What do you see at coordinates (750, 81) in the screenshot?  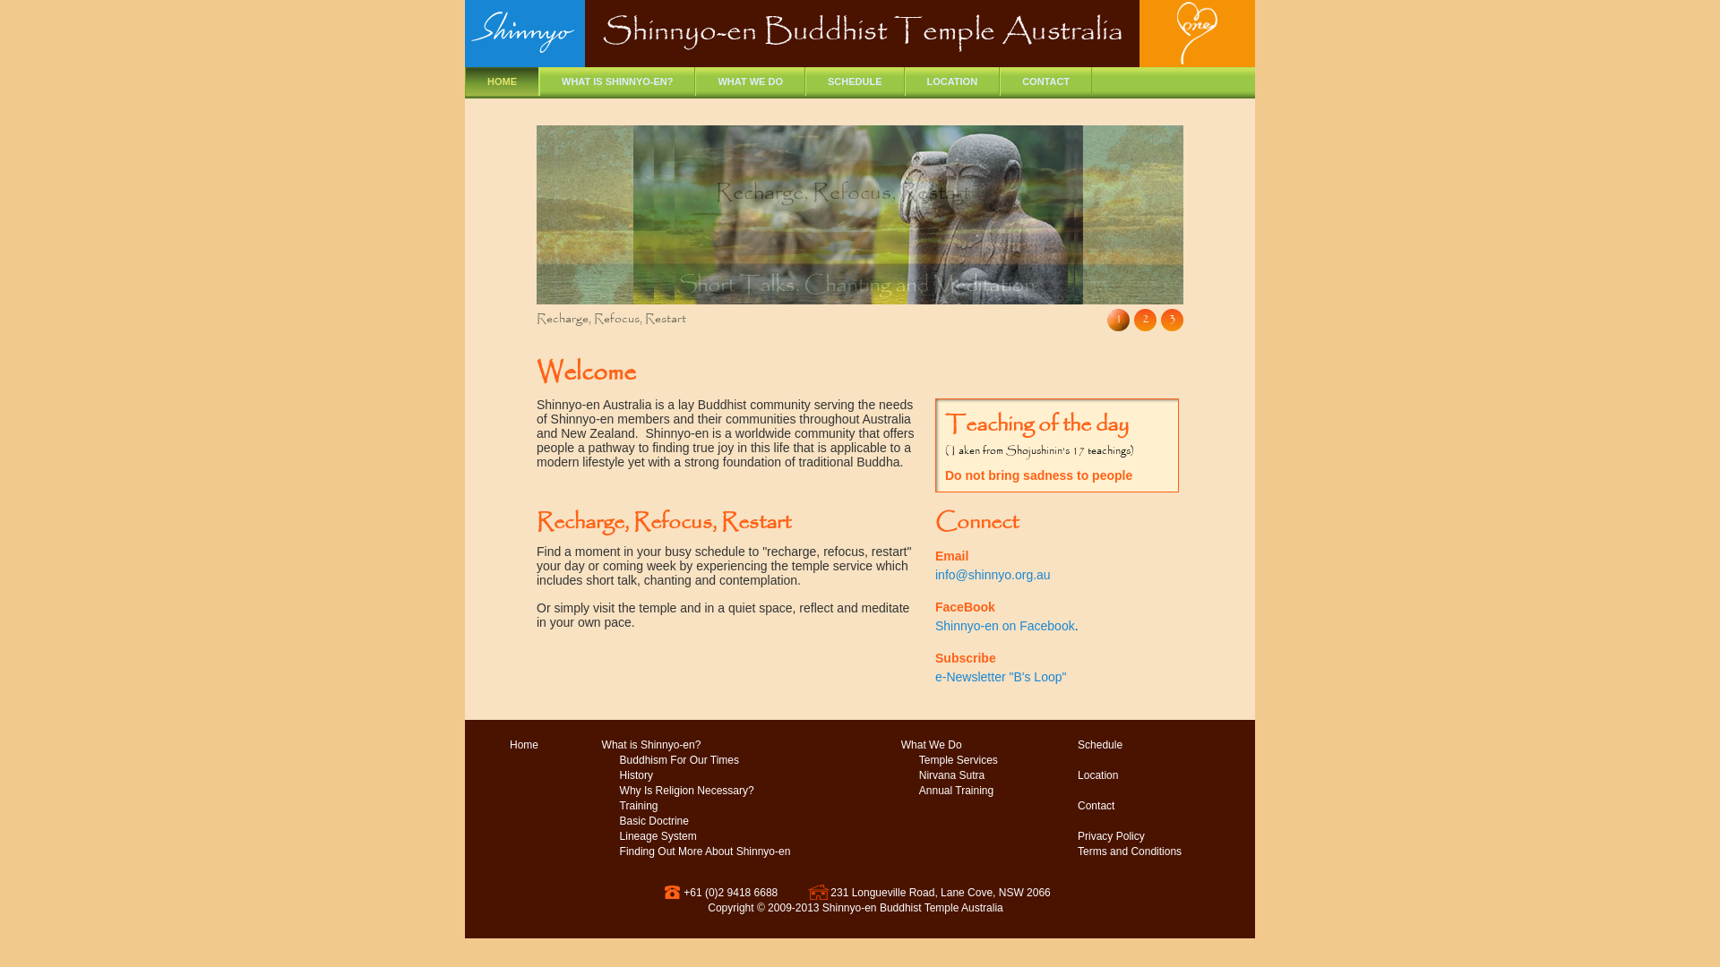 I see `'WHAT WE DO'` at bounding box center [750, 81].